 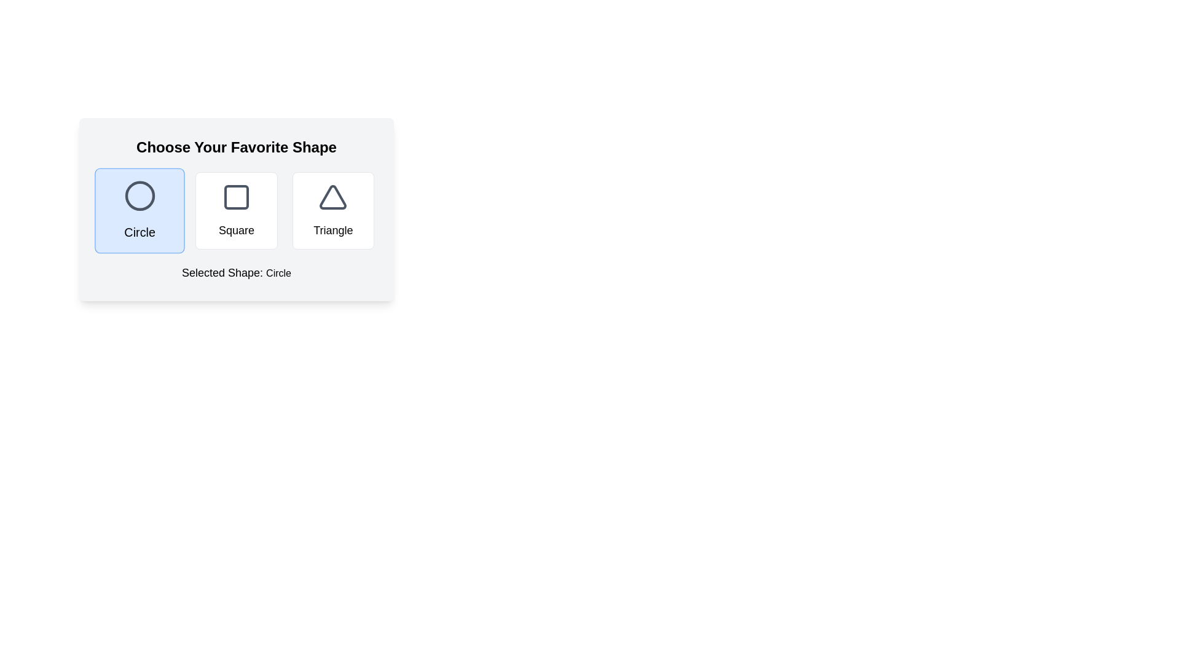 I want to click on the triangular icon with a bold outline, styled in gray, located in the third card from the left above the label 'Triangle', so click(x=333, y=196).